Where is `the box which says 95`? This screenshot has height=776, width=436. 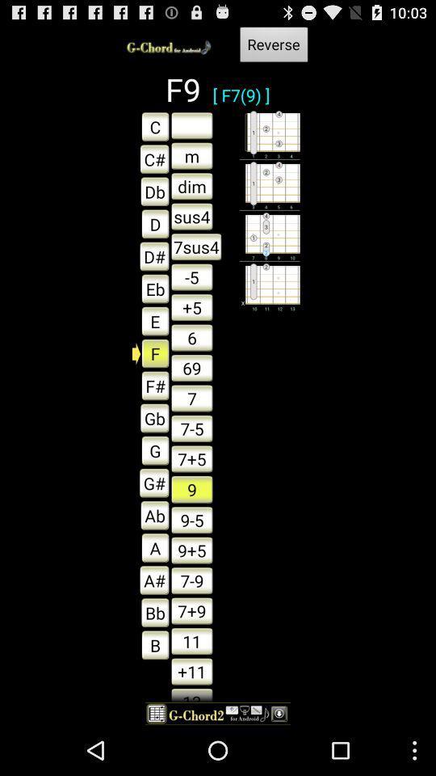
the box which says 95 is located at coordinates (191, 550).